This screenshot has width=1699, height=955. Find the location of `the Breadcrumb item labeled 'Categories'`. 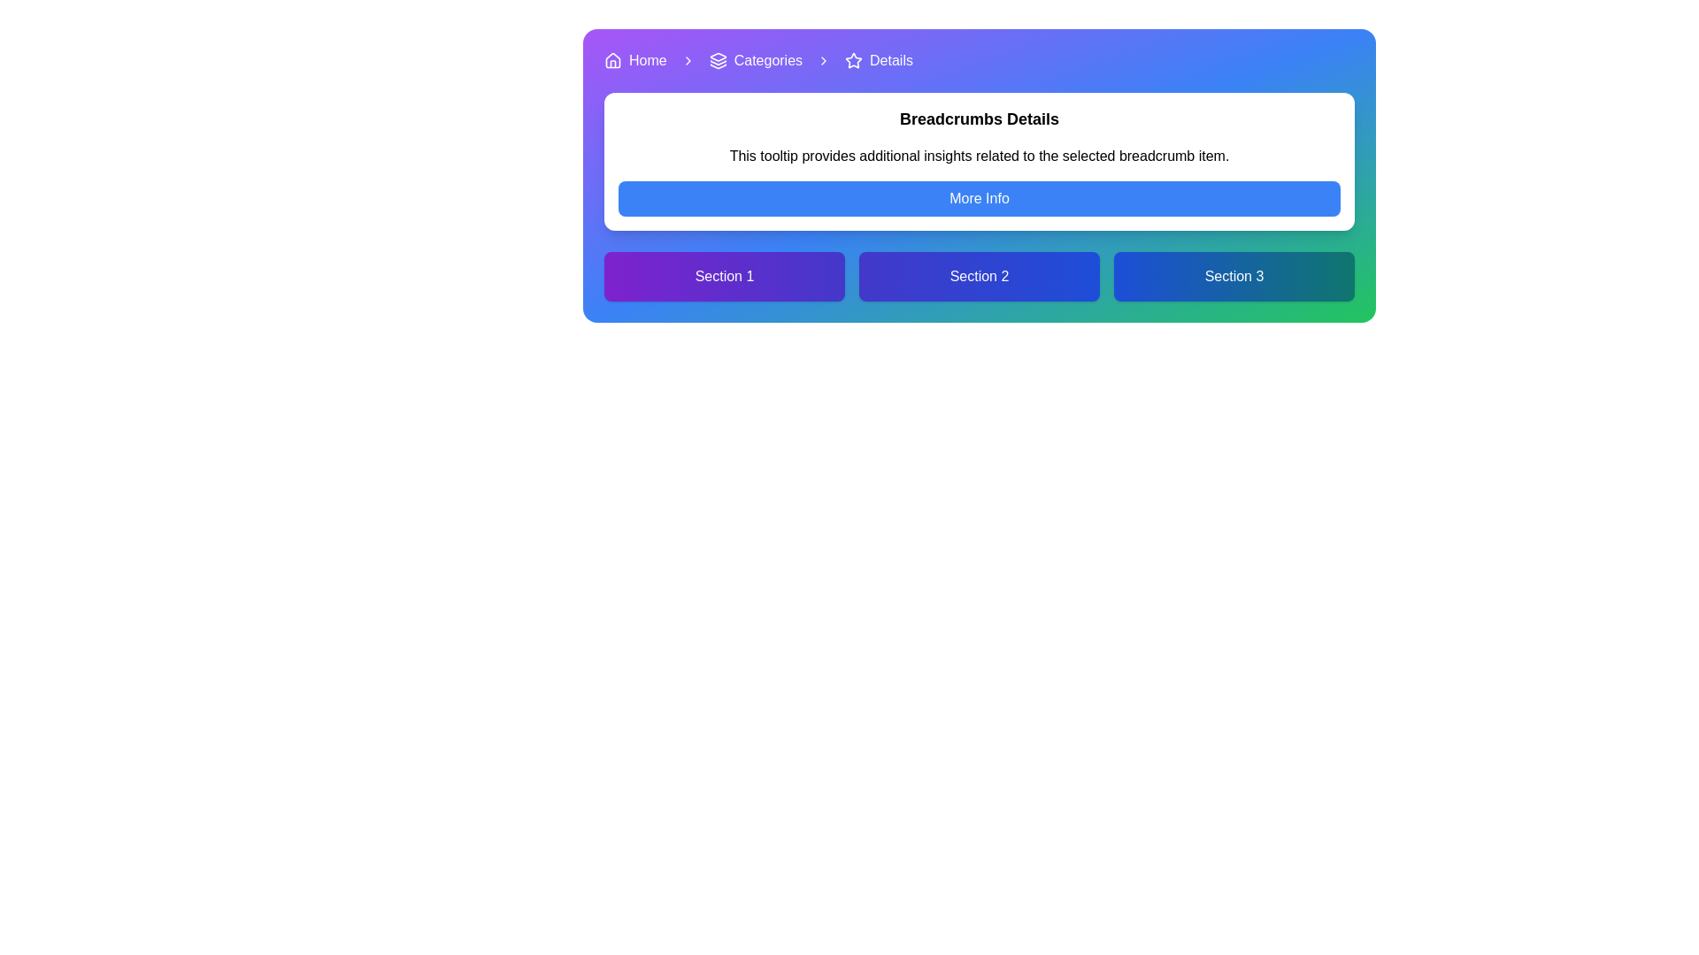

the Breadcrumb item labeled 'Categories' is located at coordinates (756, 60).